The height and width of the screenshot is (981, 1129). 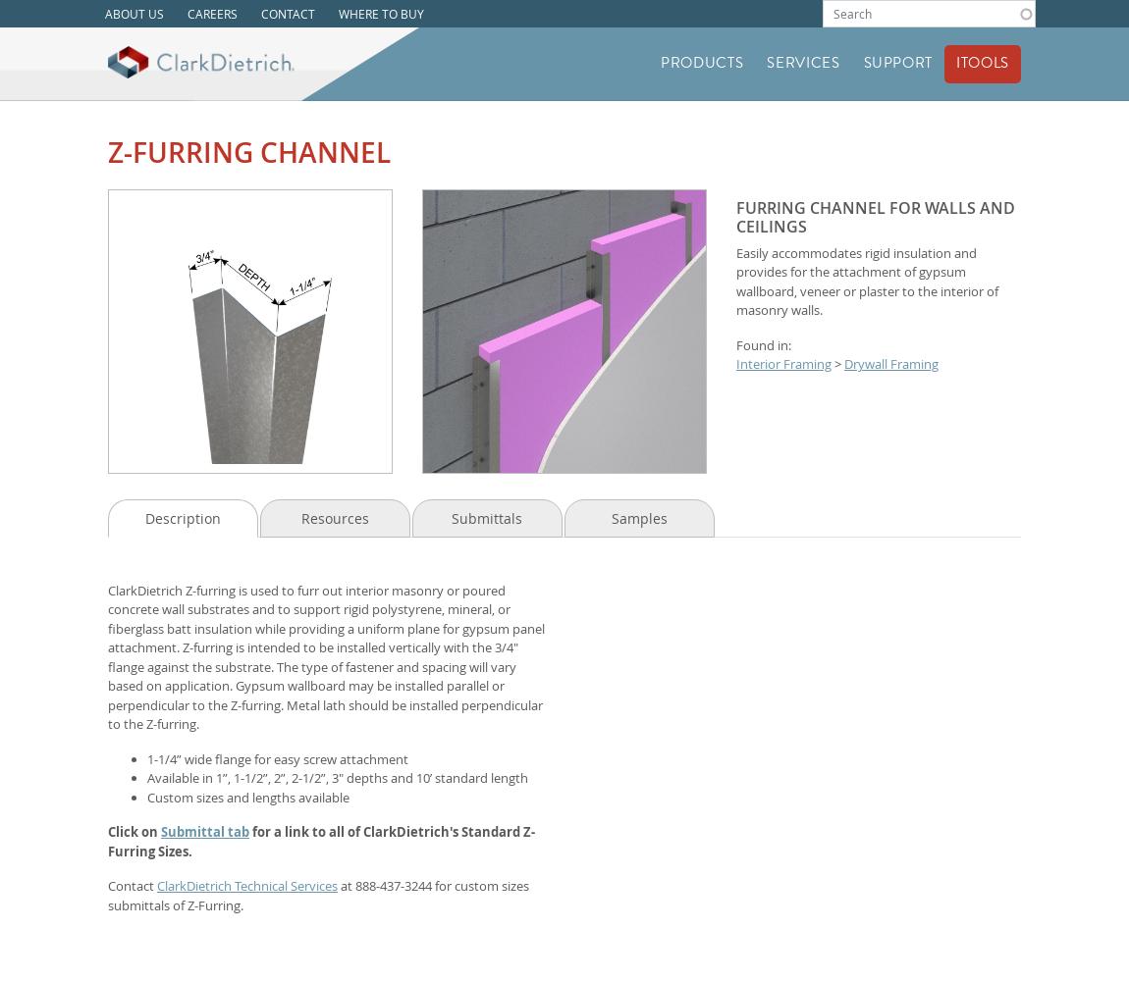 What do you see at coordinates (875, 215) in the screenshot?
I see `'Furring Channel for Walls and Ceilings'` at bounding box center [875, 215].